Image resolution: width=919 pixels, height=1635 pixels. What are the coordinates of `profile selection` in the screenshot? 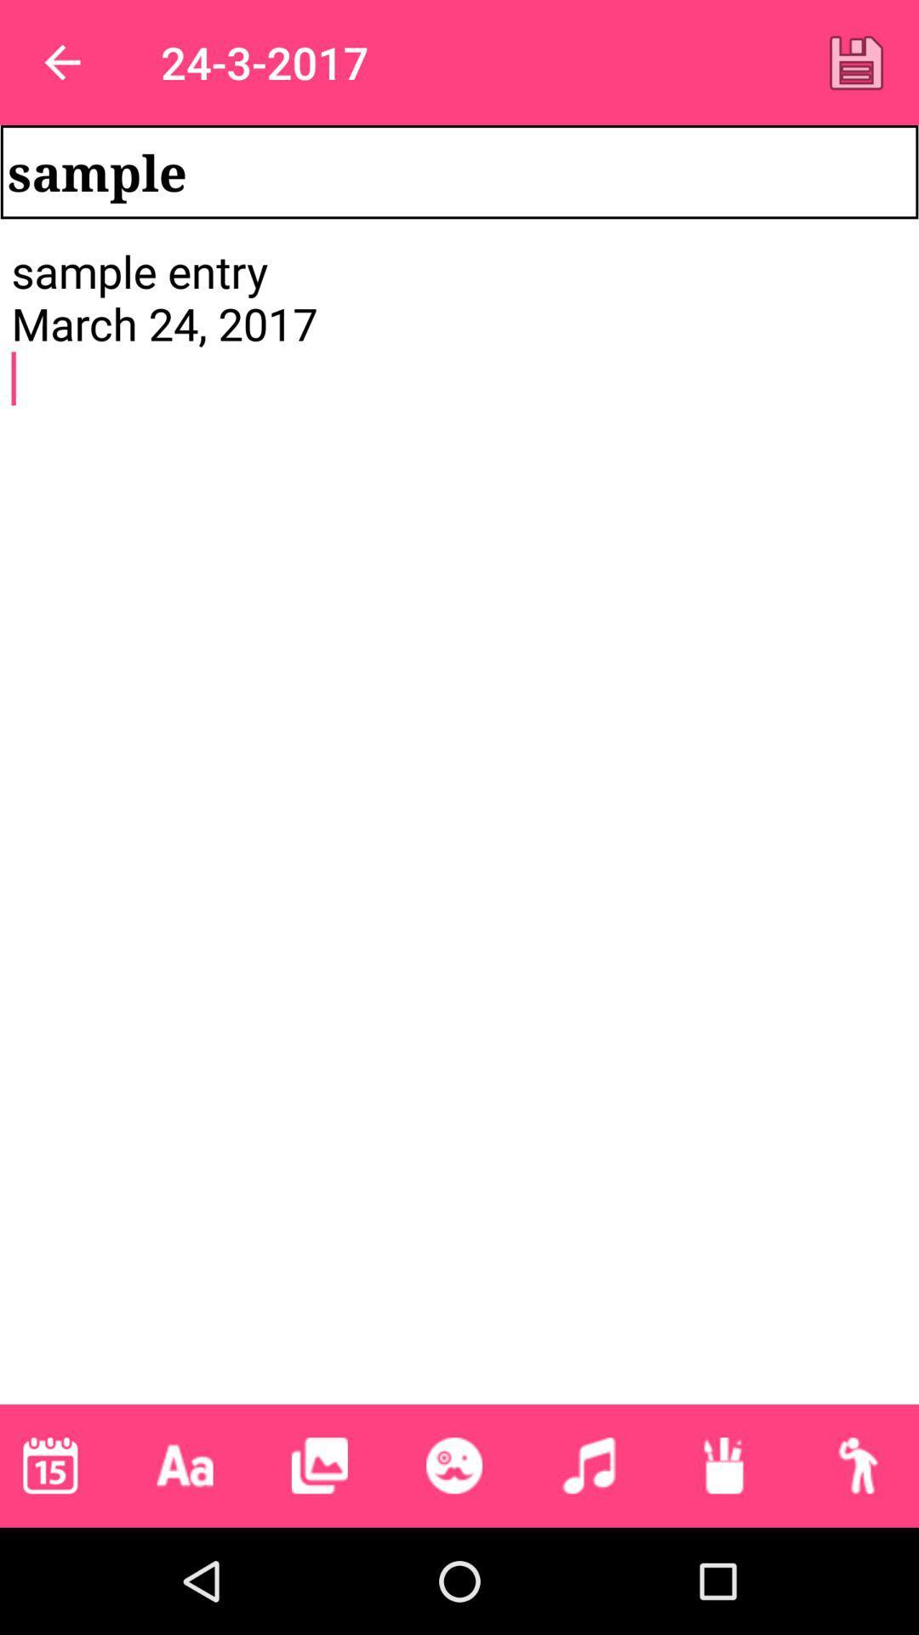 It's located at (858, 1465).